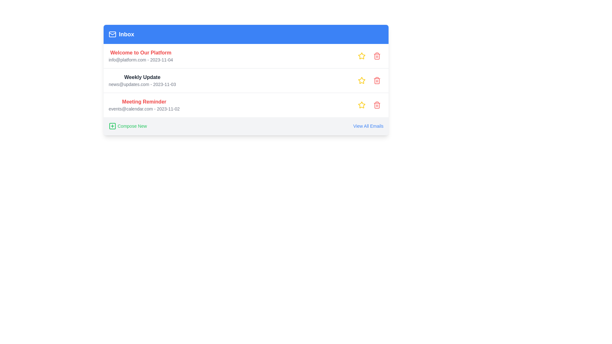  What do you see at coordinates (127, 34) in the screenshot?
I see `text label indicating the user's inbox, which is positioned to the right of the mail icon in the blue header bar` at bounding box center [127, 34].